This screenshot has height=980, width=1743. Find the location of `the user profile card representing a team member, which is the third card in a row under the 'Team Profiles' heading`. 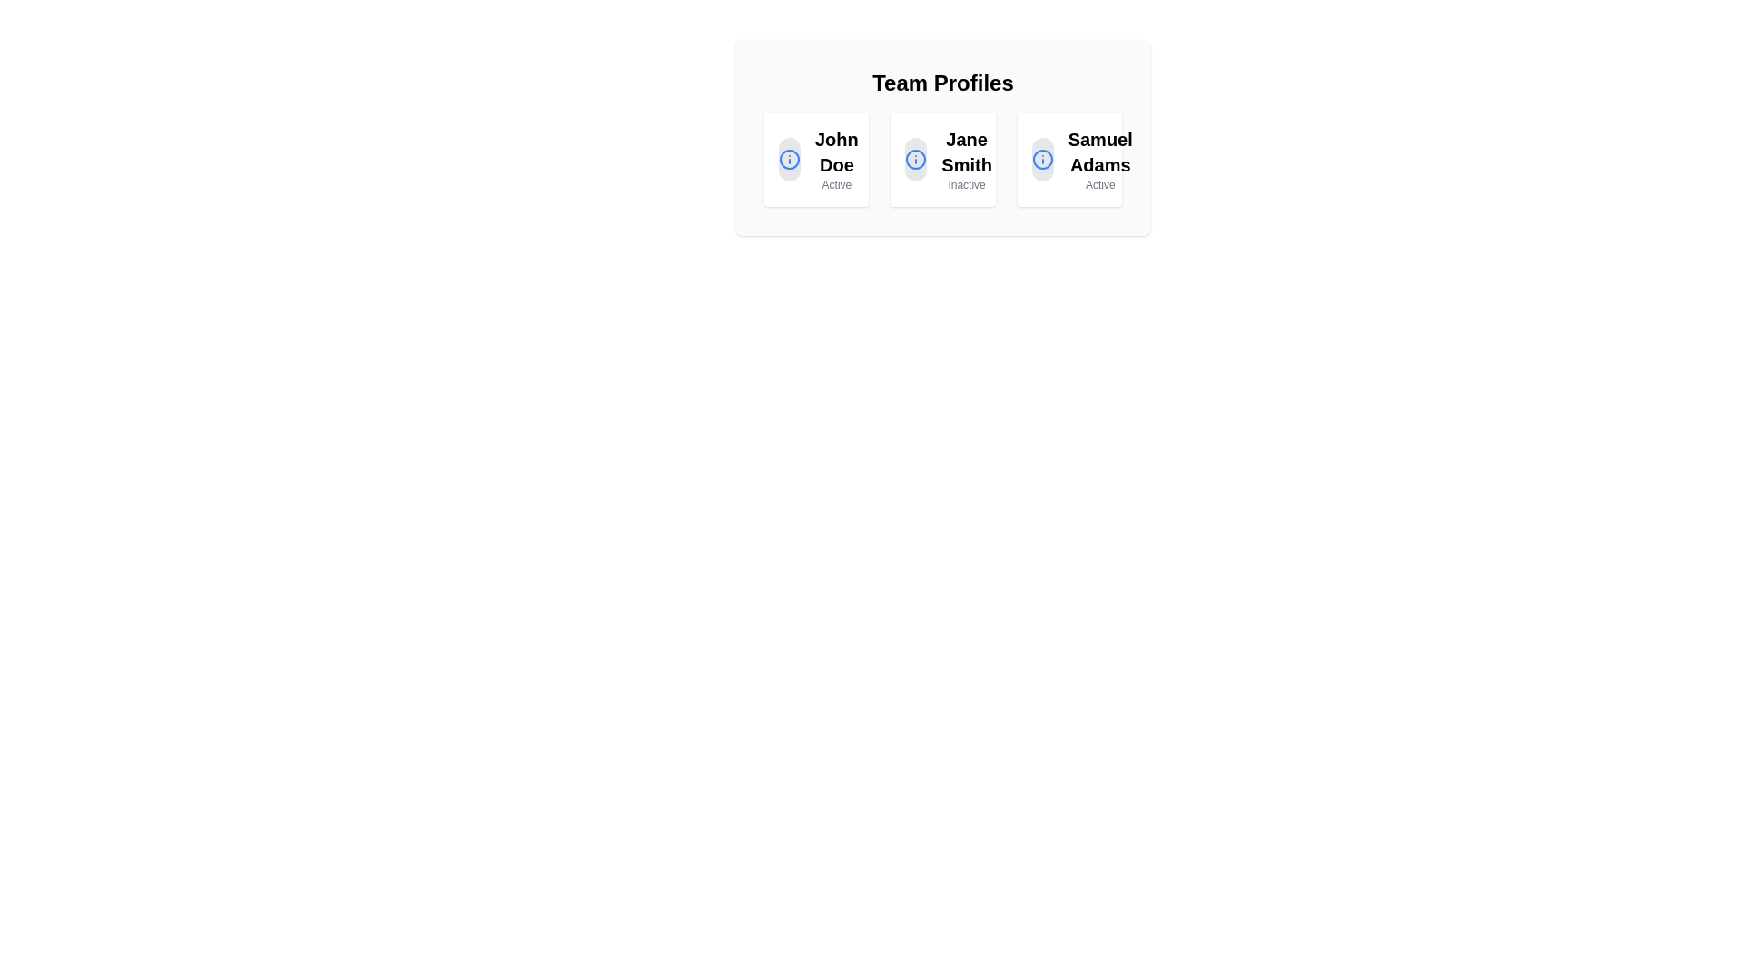

the user profile card representing a team member, which is the third card in a row under the 'Team Profiles' heading is located at coordinates (1068, 159).